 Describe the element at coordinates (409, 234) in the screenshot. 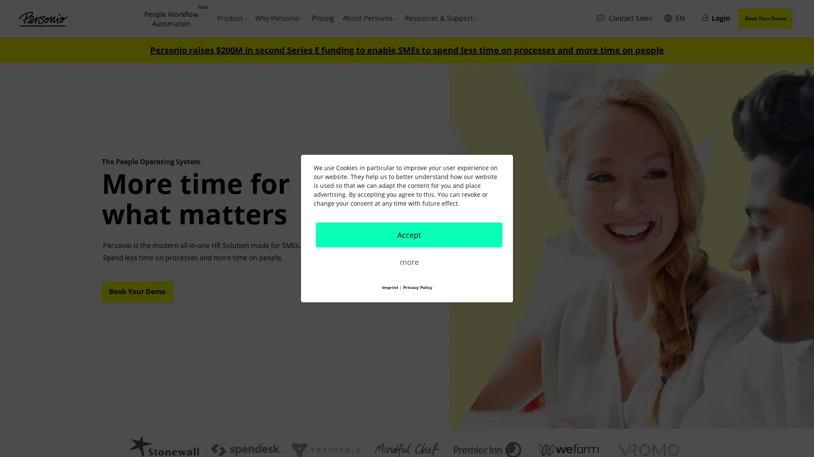

I see `Accept` at that location.